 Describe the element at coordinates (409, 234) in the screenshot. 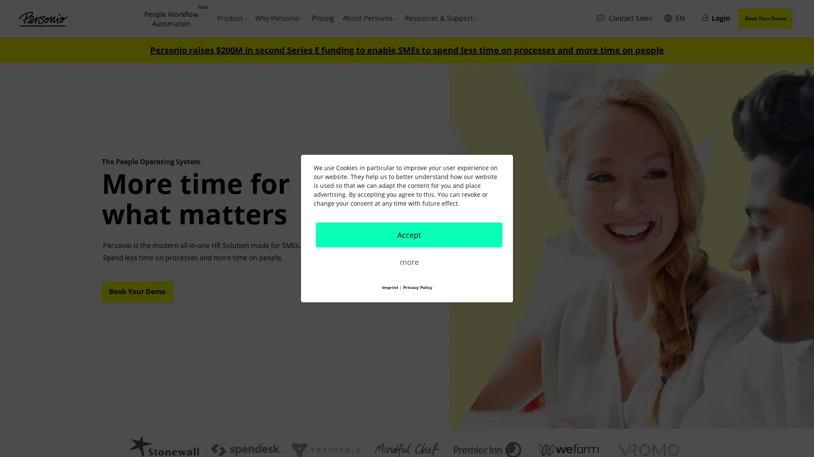

I see `Accept` at that location.